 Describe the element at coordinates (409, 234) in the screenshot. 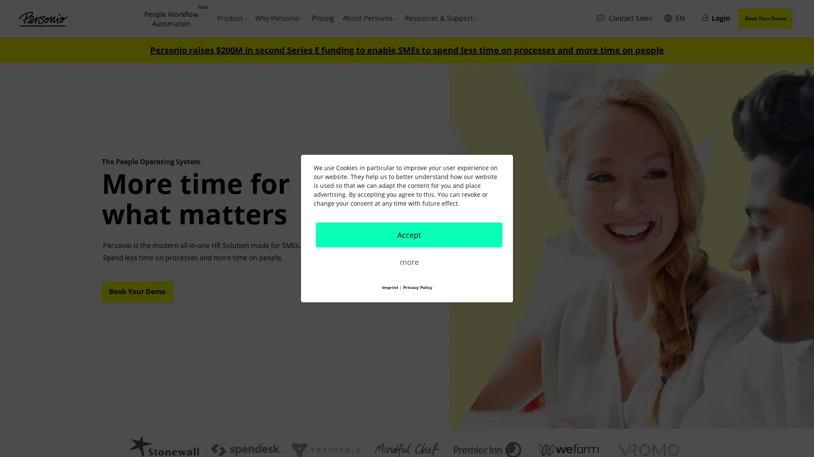

I see `Accept` at that location.